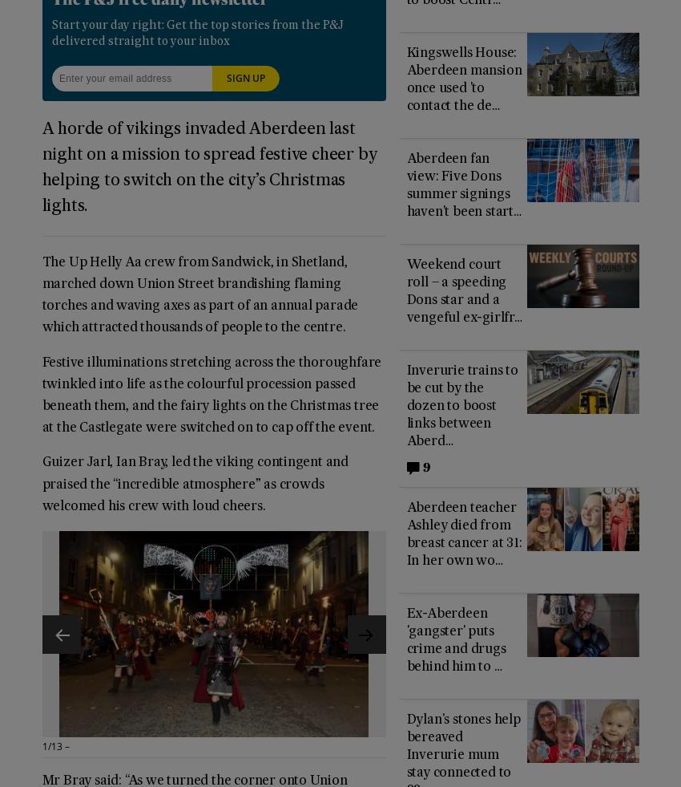  What do you see at coordinates (195, 485) in the screenshot?
I see `'Guizer Jarl, Ian Bray, led the viking contingent and praised the “incredible atmosphere” as crowds welcomed his crew with loud cheers.'` at bounding box center [195, 485].